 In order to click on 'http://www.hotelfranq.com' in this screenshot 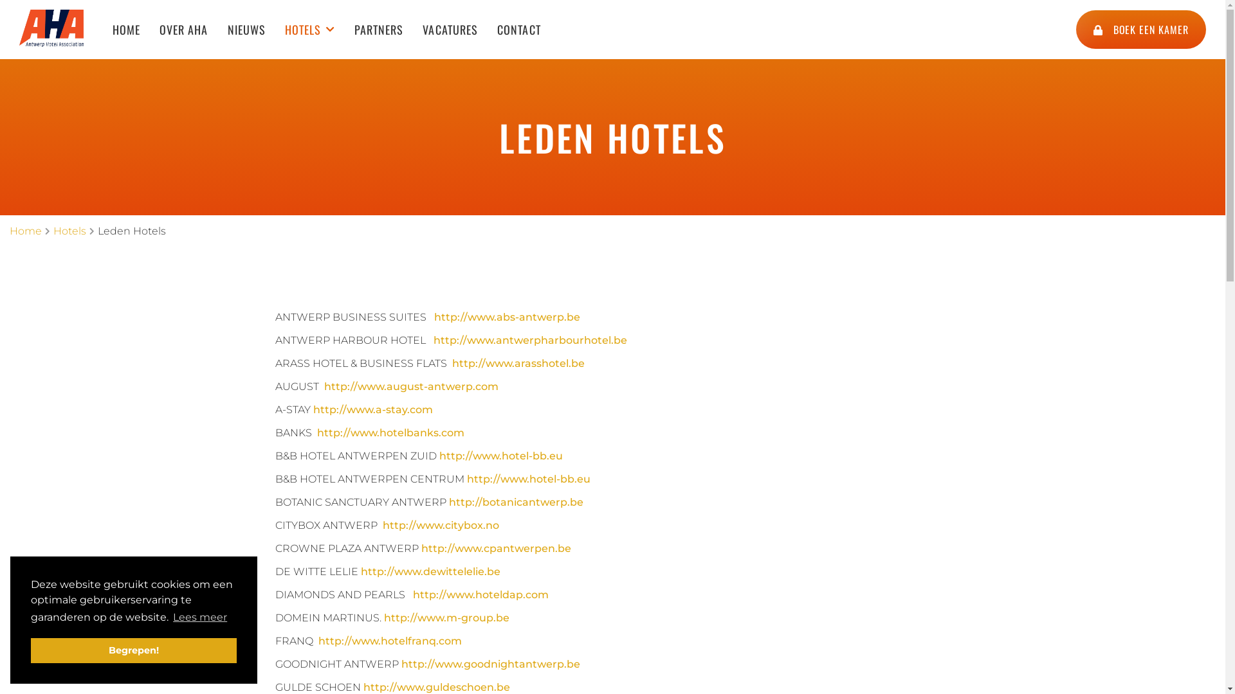, I will do `click(318, 641)`.